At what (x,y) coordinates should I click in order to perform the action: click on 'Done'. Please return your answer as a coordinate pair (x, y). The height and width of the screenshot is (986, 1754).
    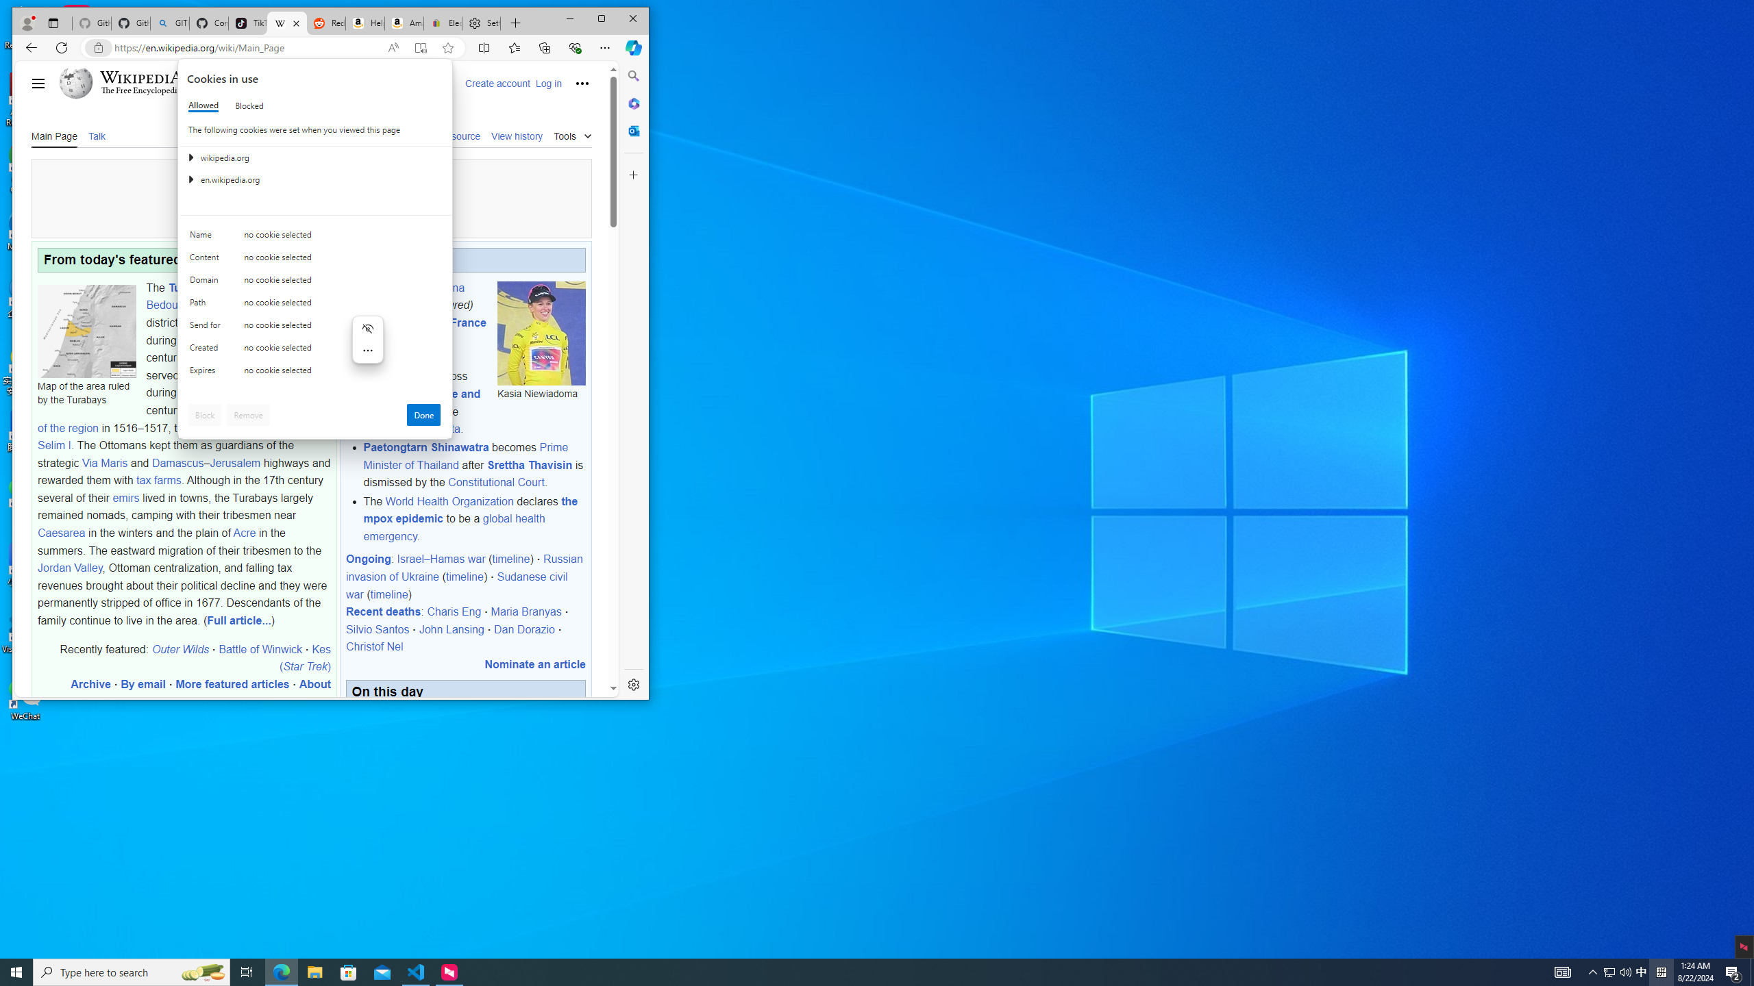
    Looking at the image, I should click on (423, 414).